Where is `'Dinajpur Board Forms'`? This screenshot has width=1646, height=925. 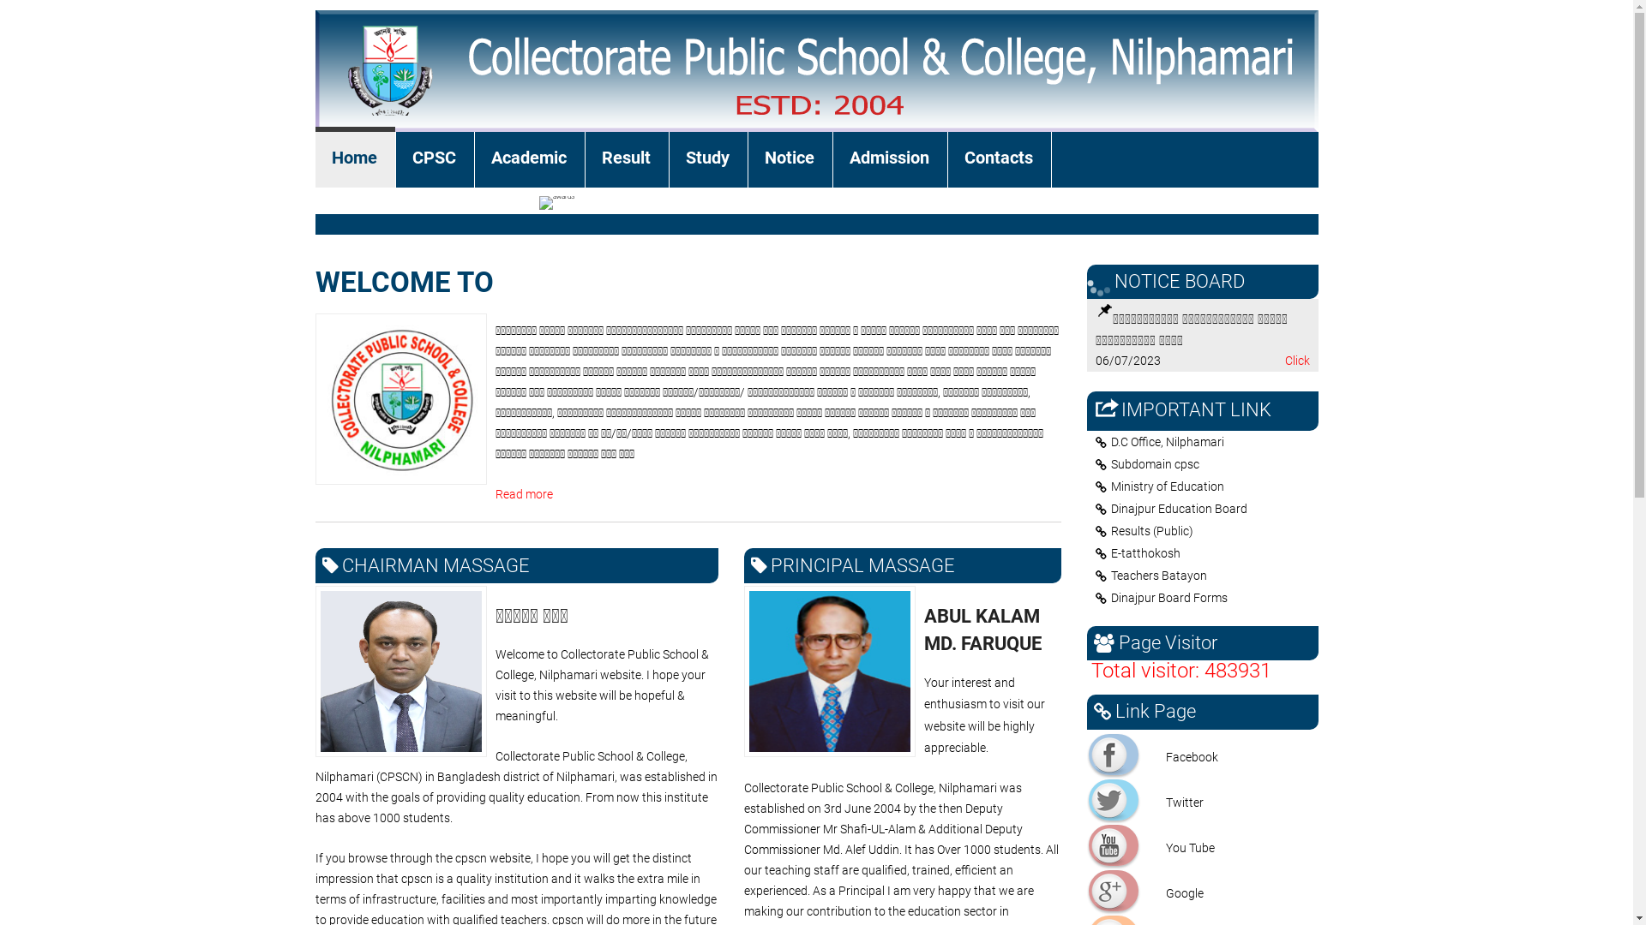
'Dinajpur Board Forms' is located at coordinates (1205, 597).